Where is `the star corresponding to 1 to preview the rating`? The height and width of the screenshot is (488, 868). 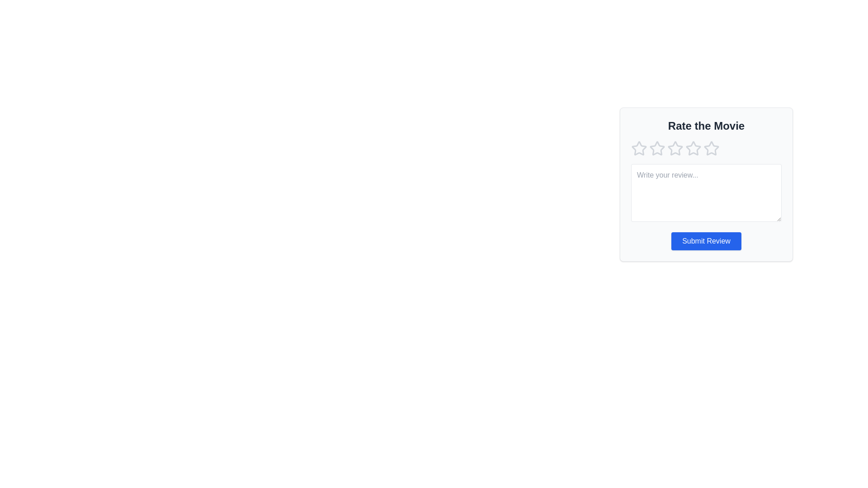 the star corresponding to 1 to preview the rating is located at coordinates (639, 148).